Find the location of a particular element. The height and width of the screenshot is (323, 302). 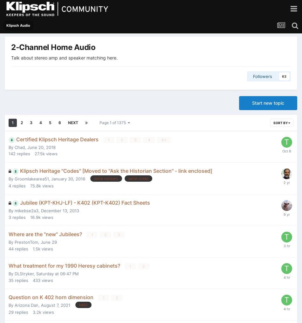

'63' is located at coordinates (284, 76).